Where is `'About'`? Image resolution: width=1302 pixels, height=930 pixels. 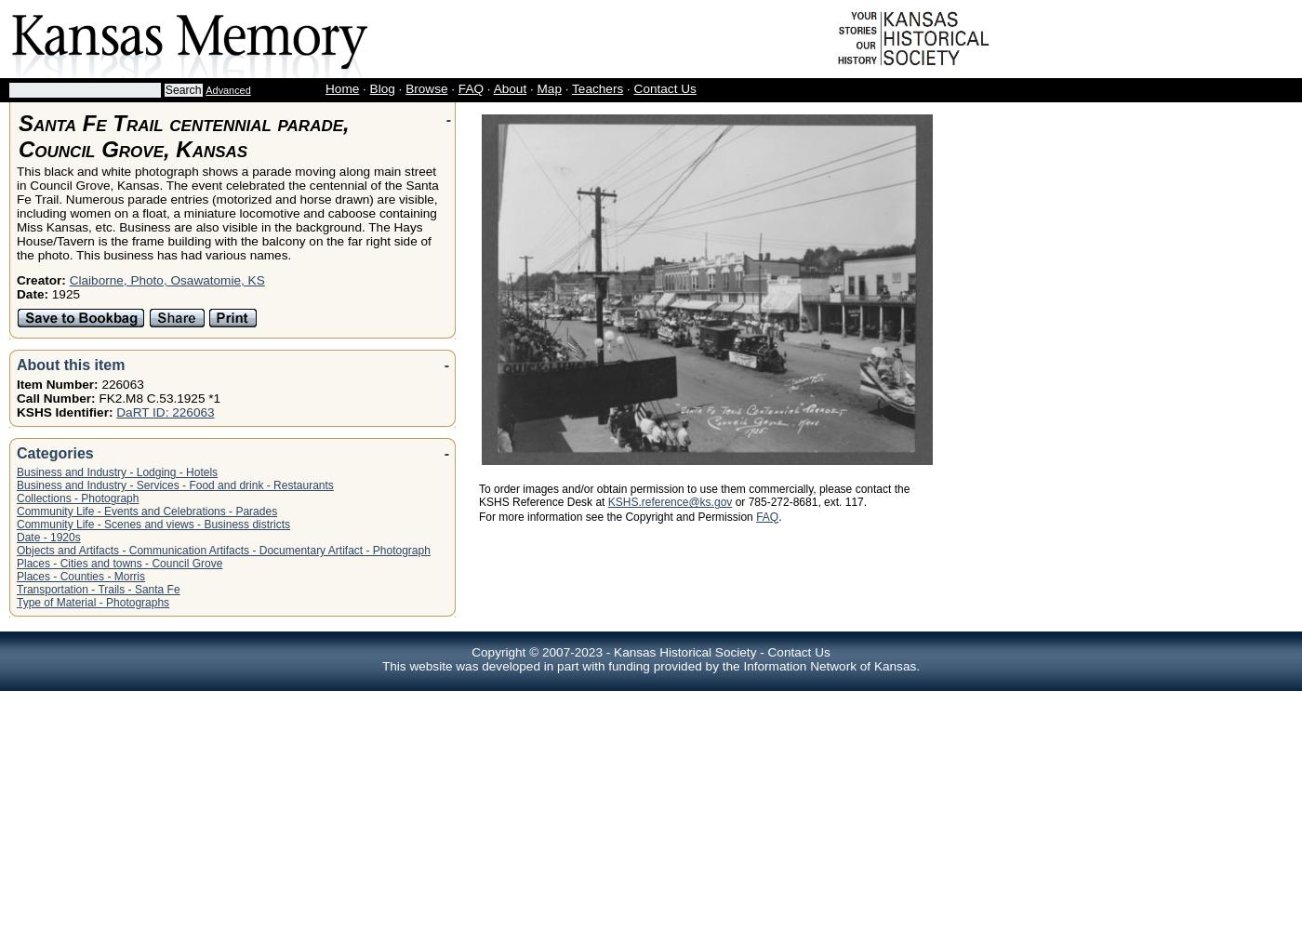
'About' is located at coordinates (493, 87).